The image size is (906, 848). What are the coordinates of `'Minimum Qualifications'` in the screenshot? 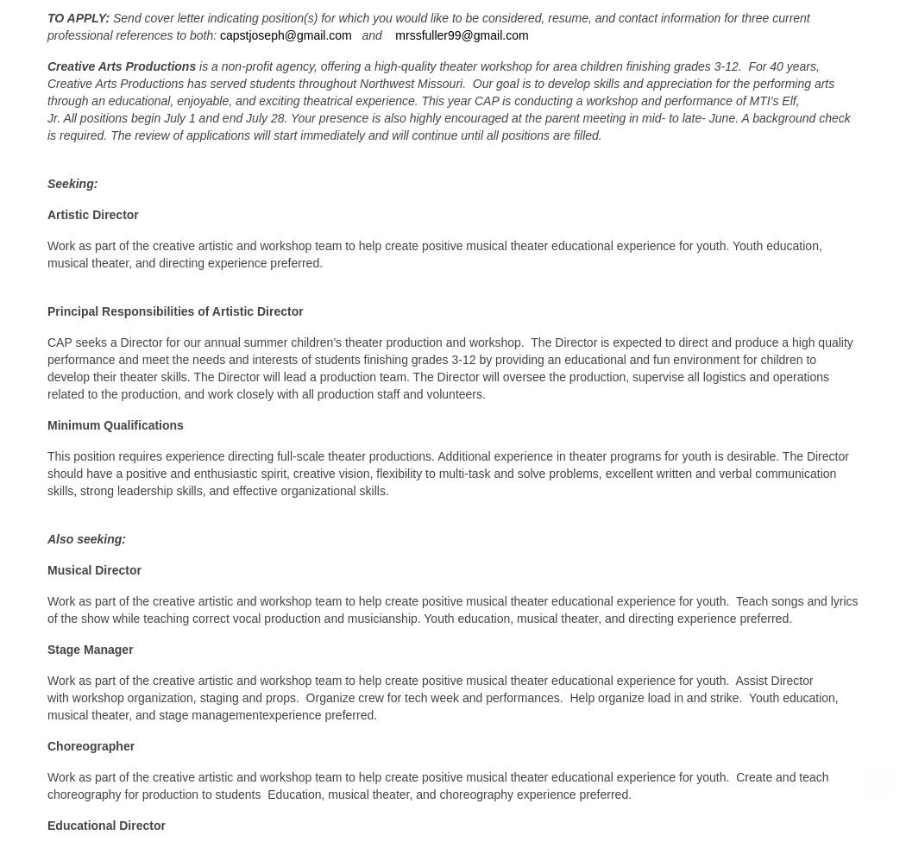 It's located at (47, 424).